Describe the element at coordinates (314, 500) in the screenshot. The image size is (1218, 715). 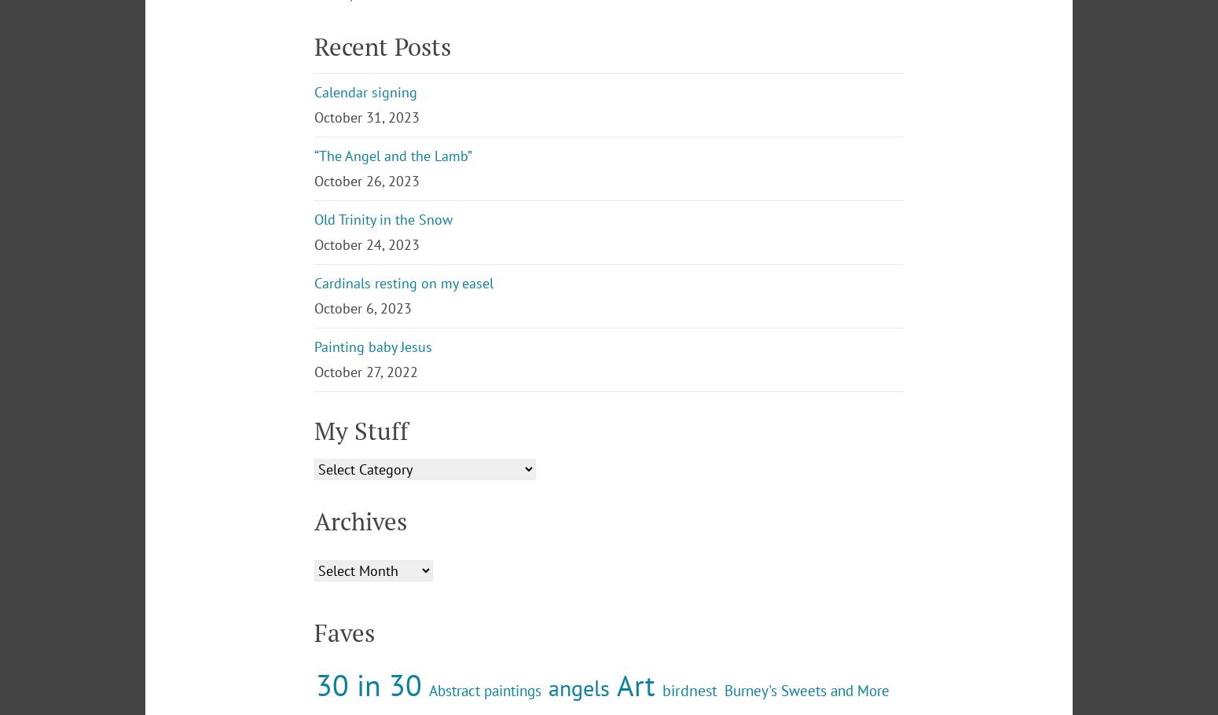
I see `'October 27, 2022'` at that location.